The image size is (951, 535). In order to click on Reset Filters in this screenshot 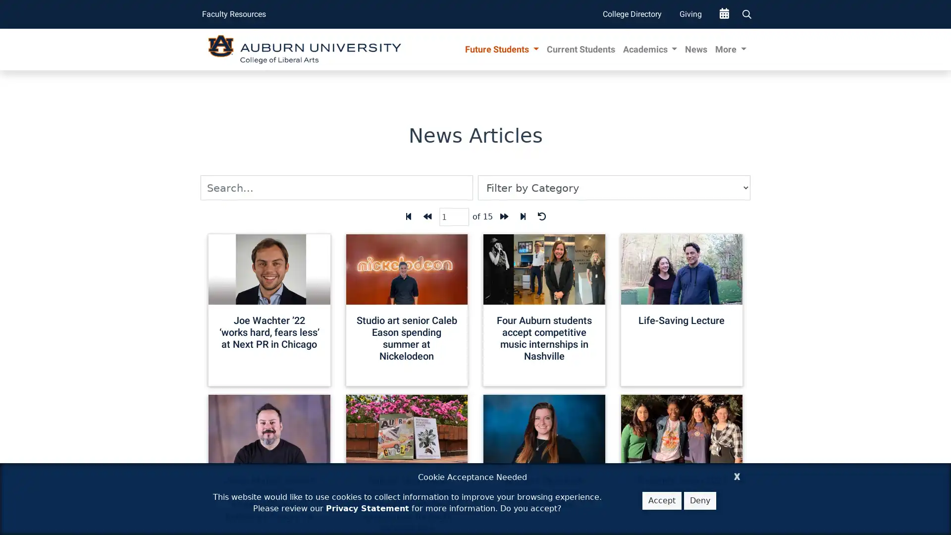, I will do `click(541, 216)`.